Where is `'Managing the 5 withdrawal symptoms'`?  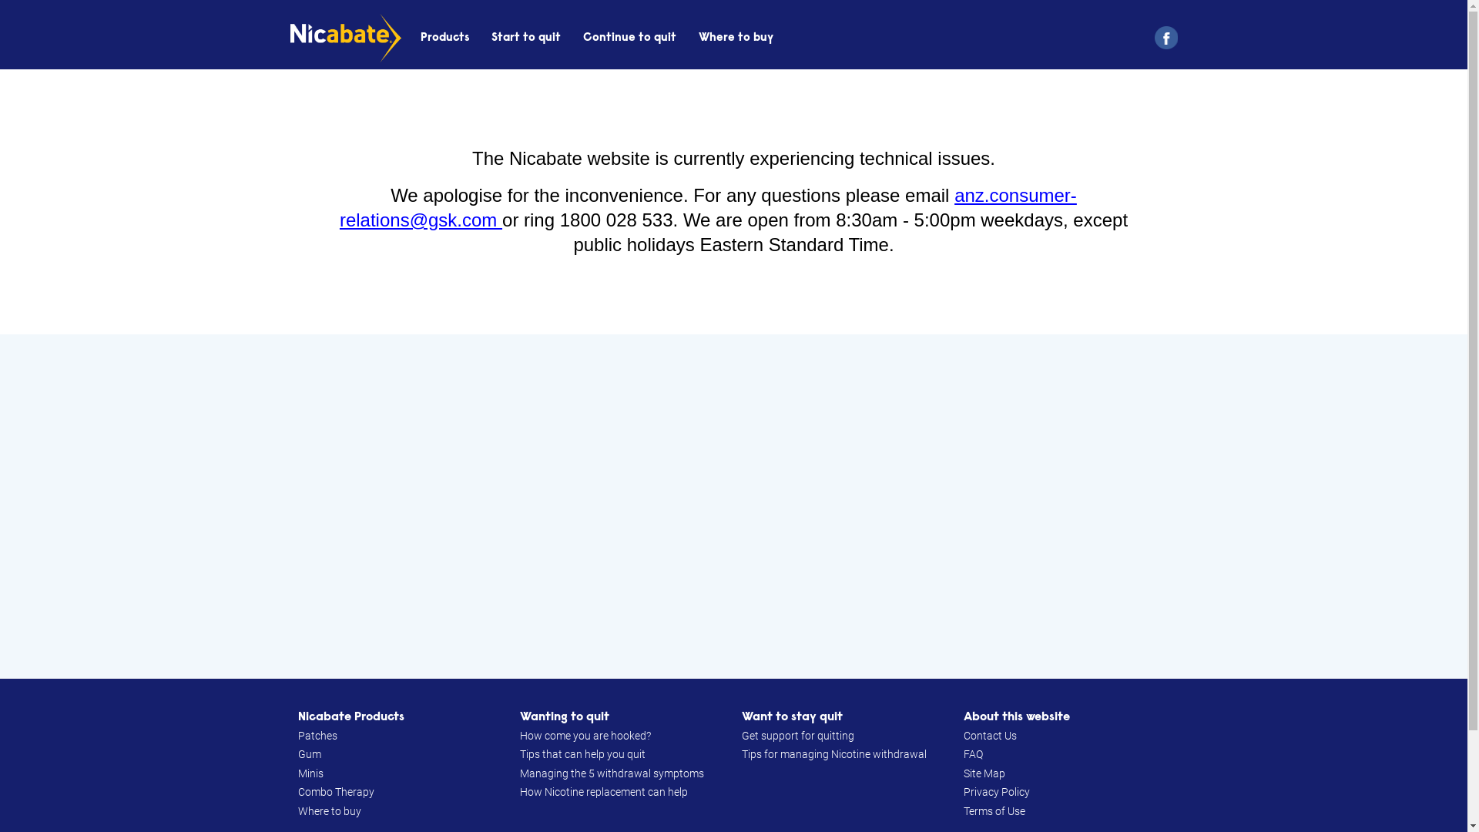 'Managing the 5 withdrawal symptoms' is located at coordinates (610, 773).